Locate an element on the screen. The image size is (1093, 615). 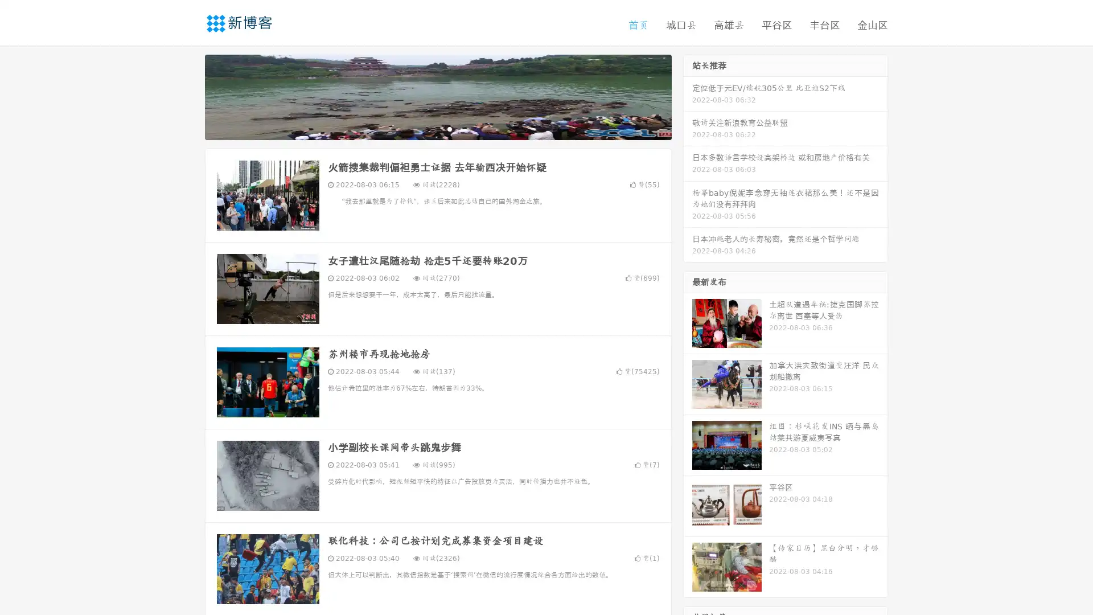
Go to slide 1 is located at coordinates (426, 128).